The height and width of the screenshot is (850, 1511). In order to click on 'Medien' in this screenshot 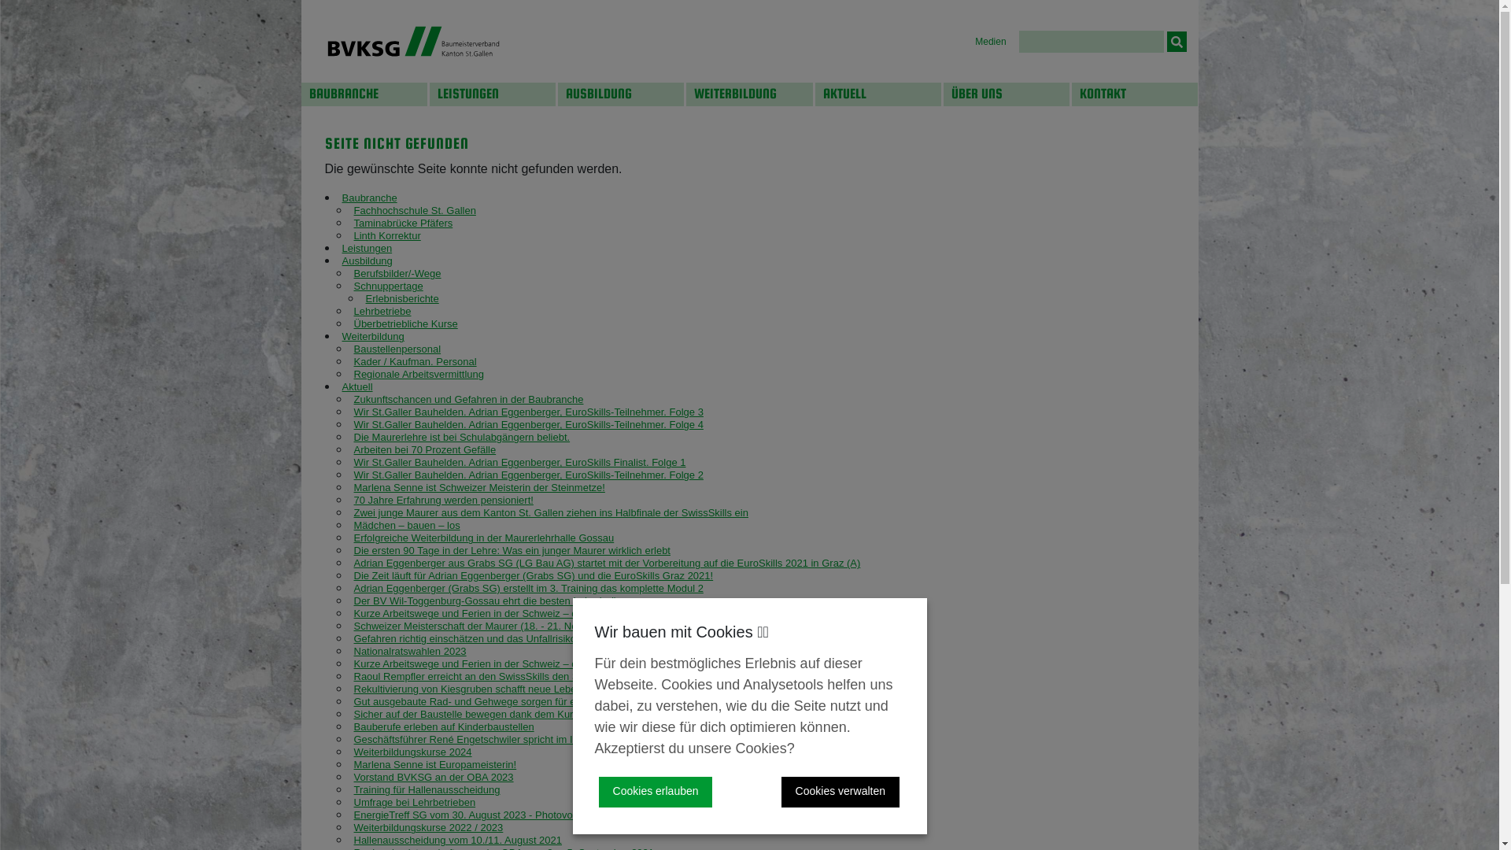, I will do `click(973, 41)`.